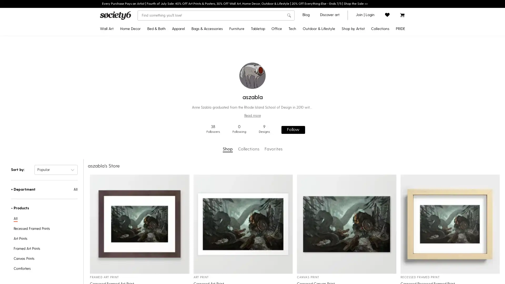 This screenshot has width=505, height=284. I want to click on Framed Mini Art Prints, so click(124, 144).